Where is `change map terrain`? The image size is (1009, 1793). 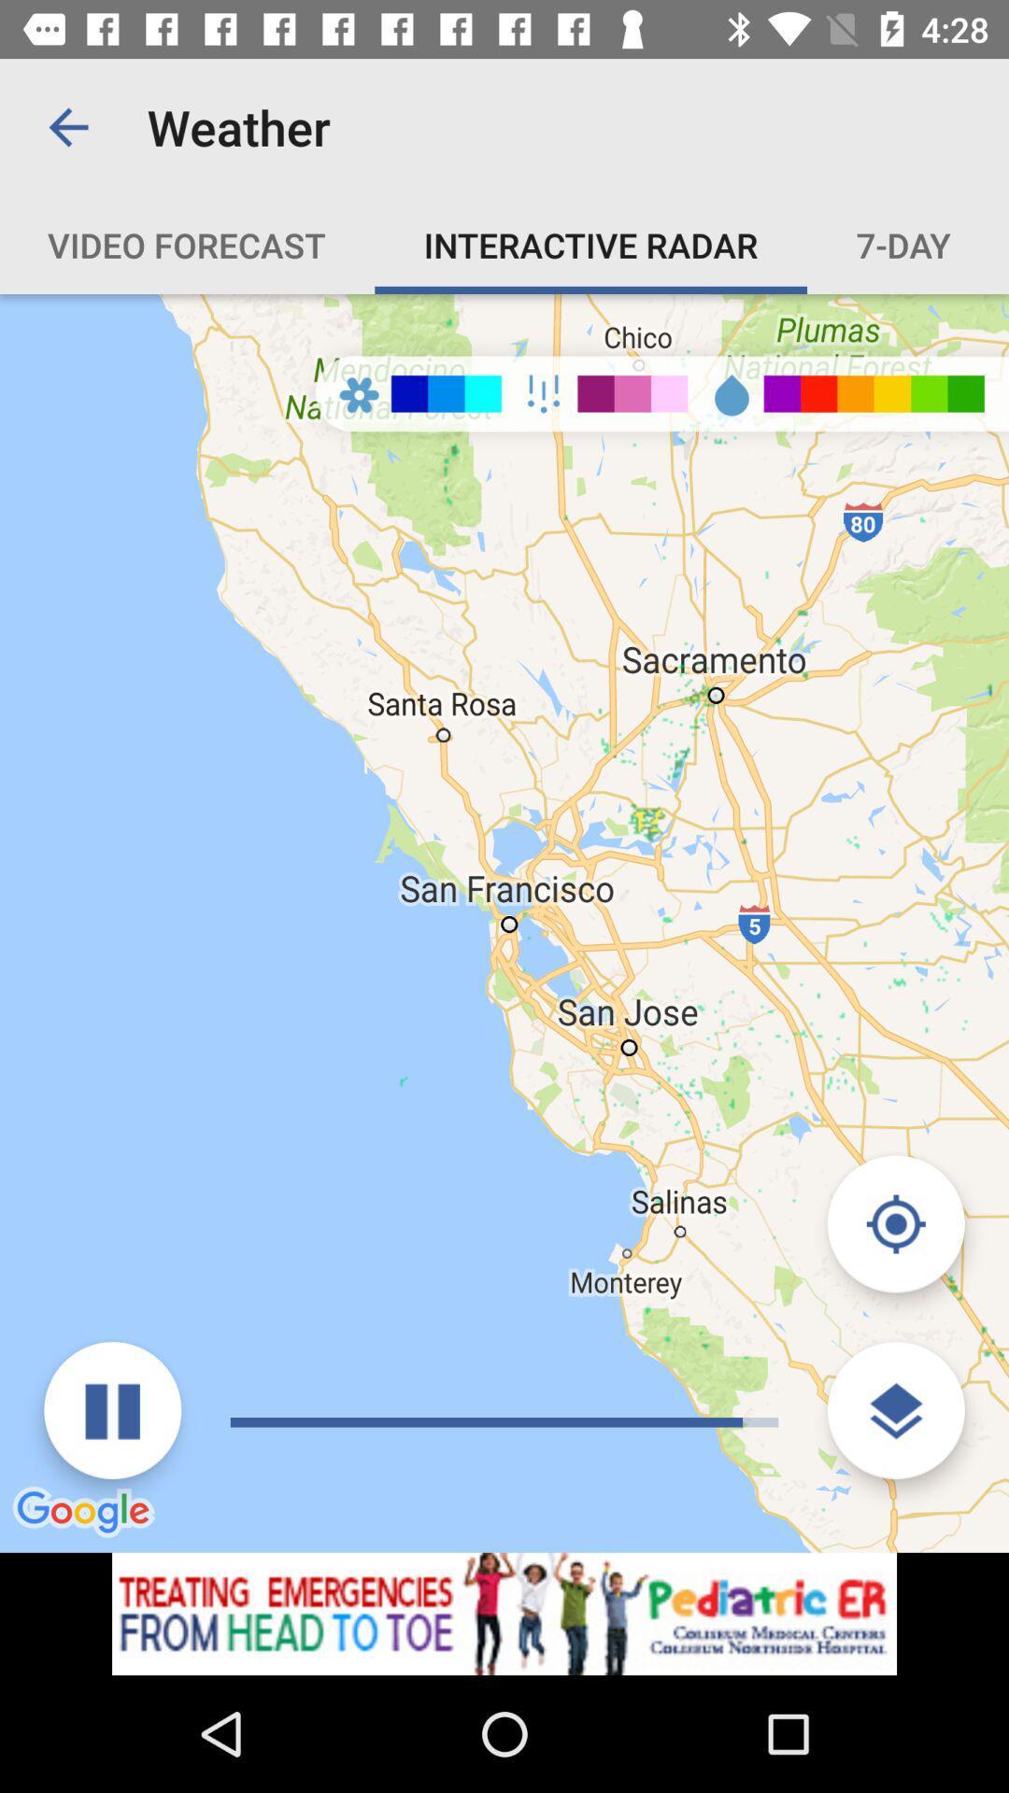
change map terrain is located at coordinates (895, 1410).